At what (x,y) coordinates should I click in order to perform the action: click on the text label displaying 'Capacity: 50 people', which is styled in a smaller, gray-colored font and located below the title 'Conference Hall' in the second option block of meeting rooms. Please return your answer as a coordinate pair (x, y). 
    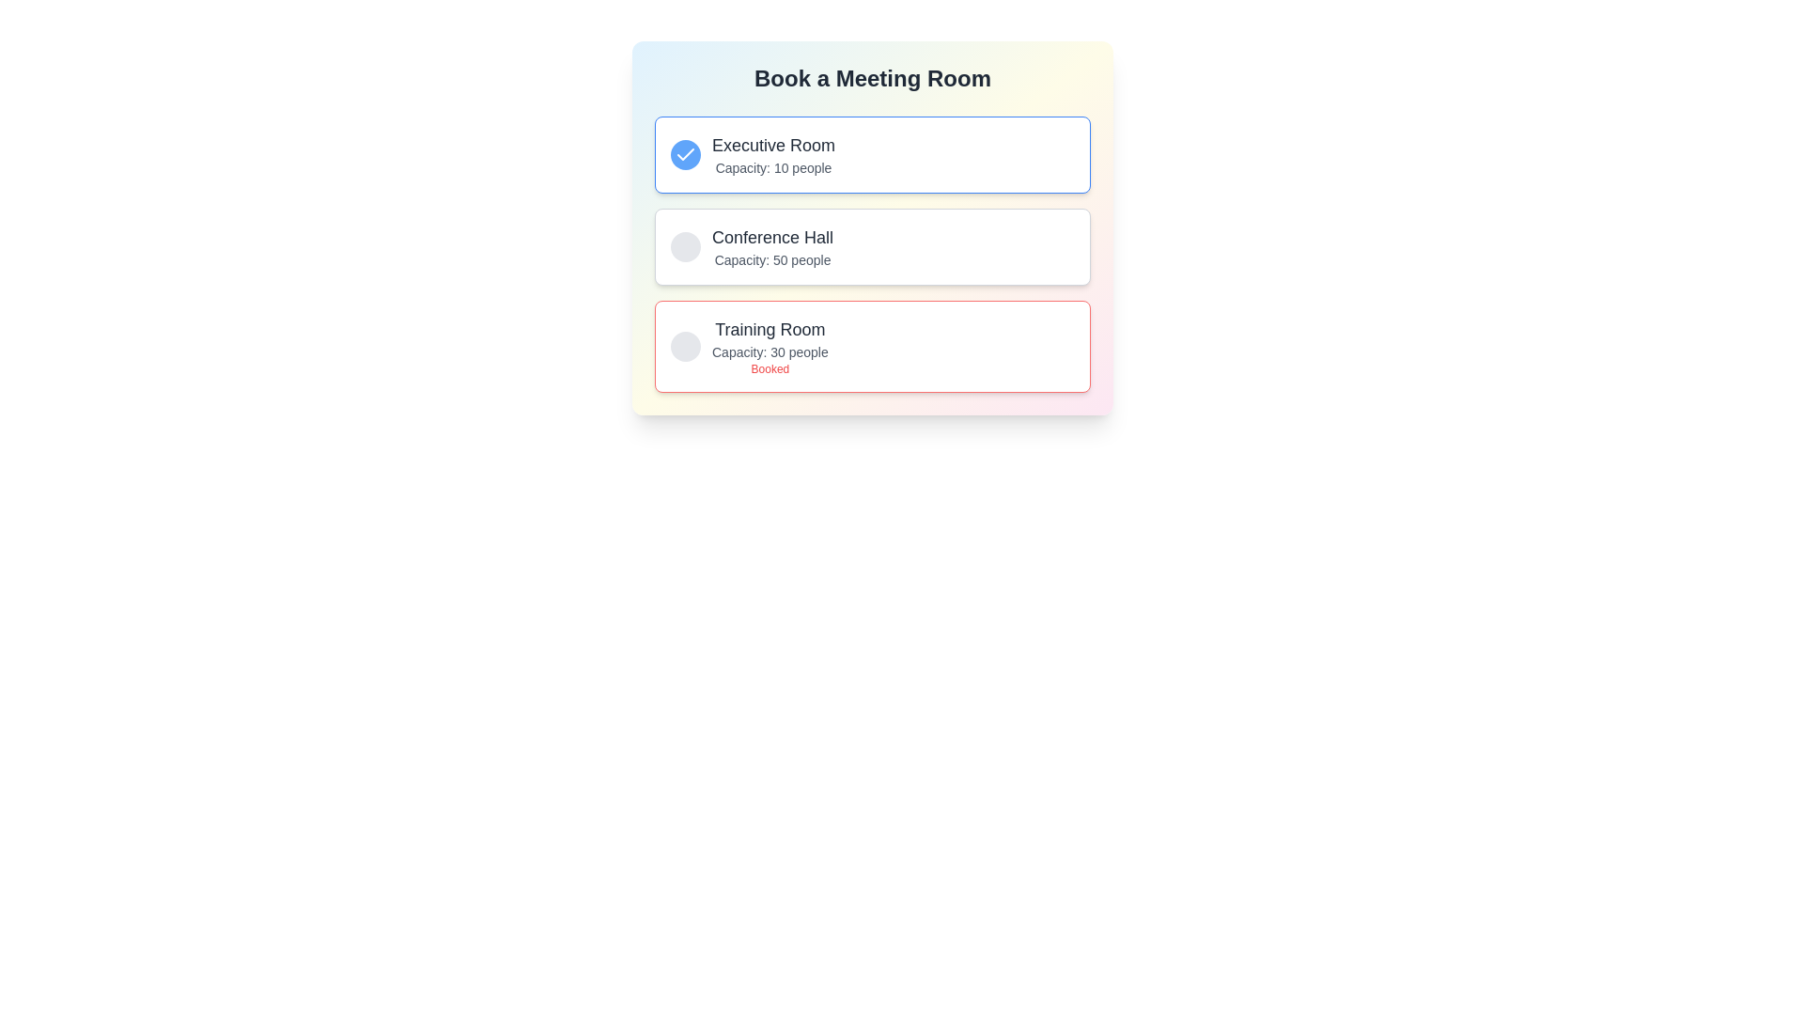
    Looking at the image, I should click on (772, 260).